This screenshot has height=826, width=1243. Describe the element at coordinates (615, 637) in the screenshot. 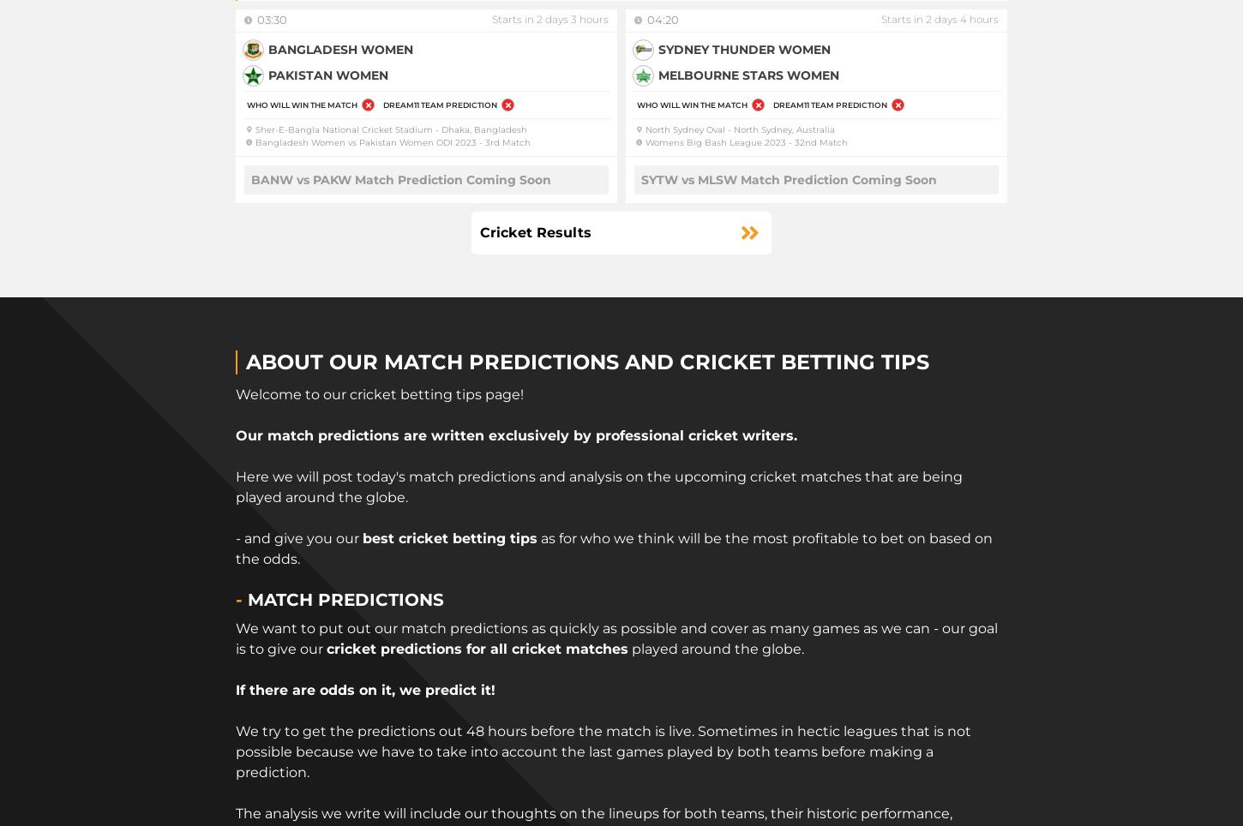

I see `'We want to put out our match predictions as quickly as possible and cover as many games as we can - our goal is to give our'` at that location.